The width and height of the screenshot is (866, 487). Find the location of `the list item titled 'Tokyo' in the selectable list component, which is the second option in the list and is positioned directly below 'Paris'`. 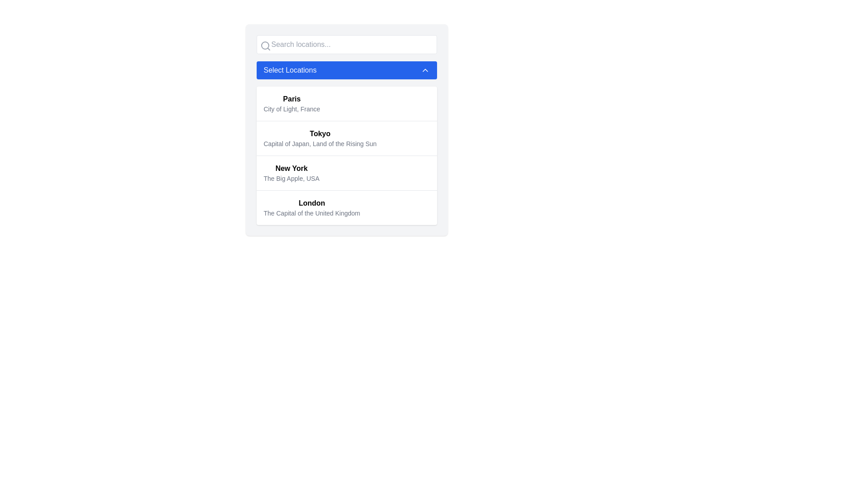

the list item titled 'Tokyo' in the selectable list component, which is the second option in the list and is positioned directly below 'Paris' is located at coordinates (346, 138).